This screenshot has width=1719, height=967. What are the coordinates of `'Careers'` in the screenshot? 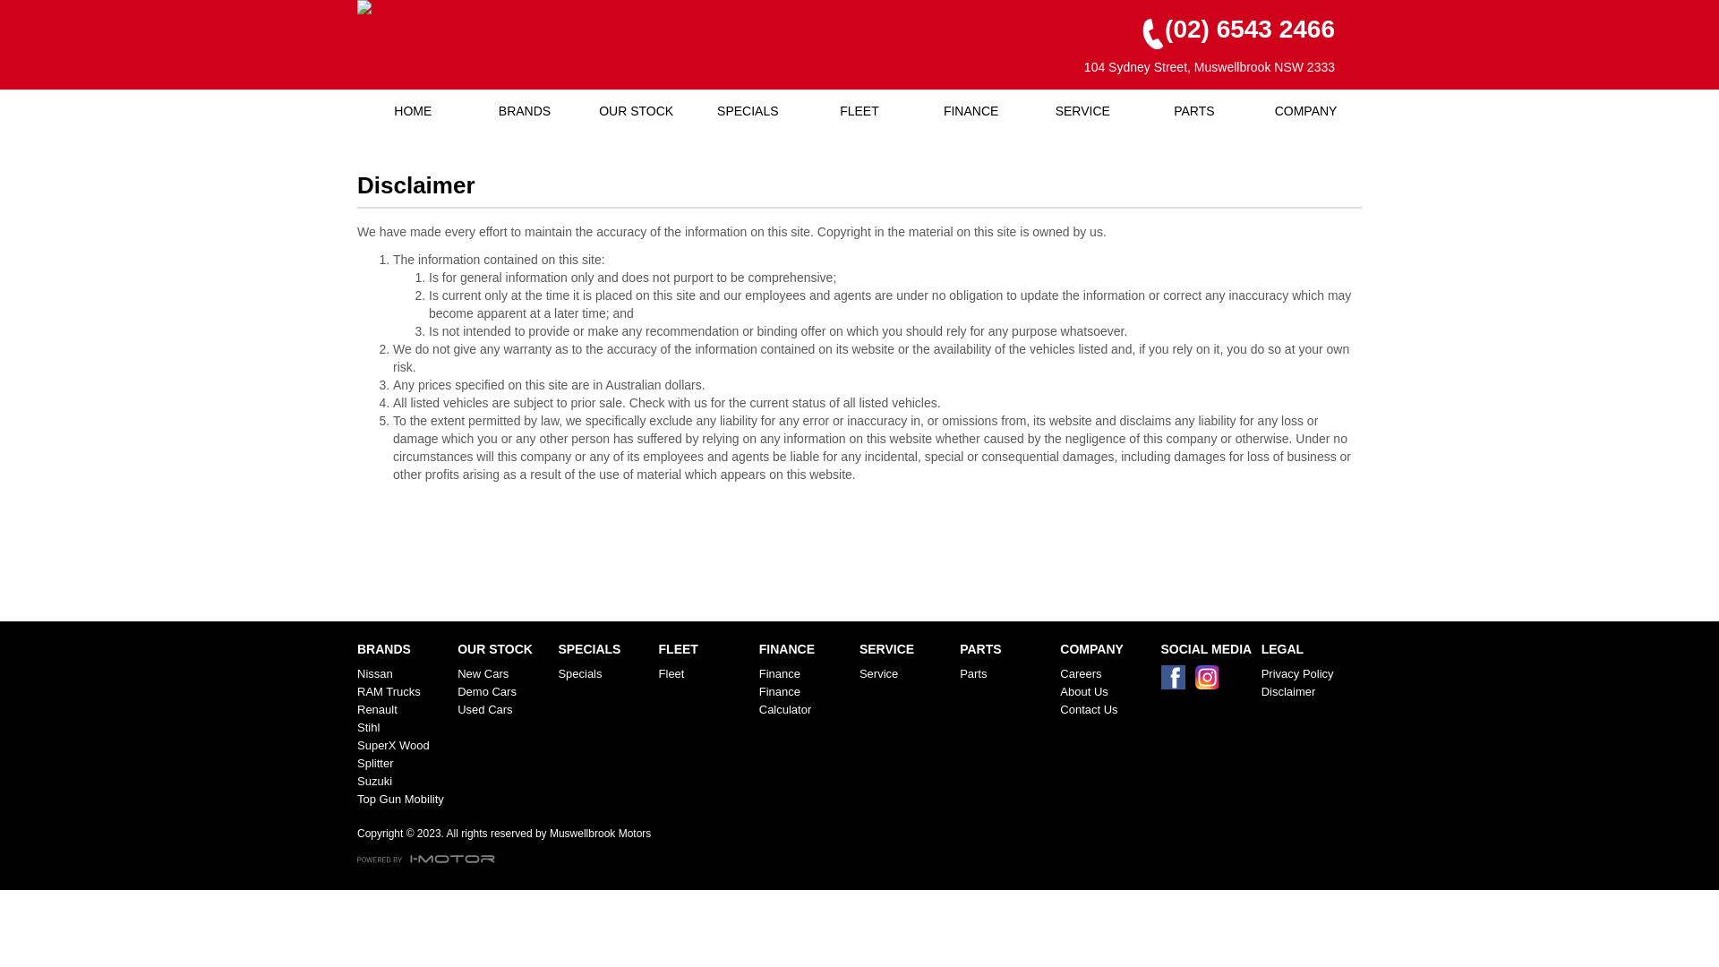 It's located at (1106, 673).